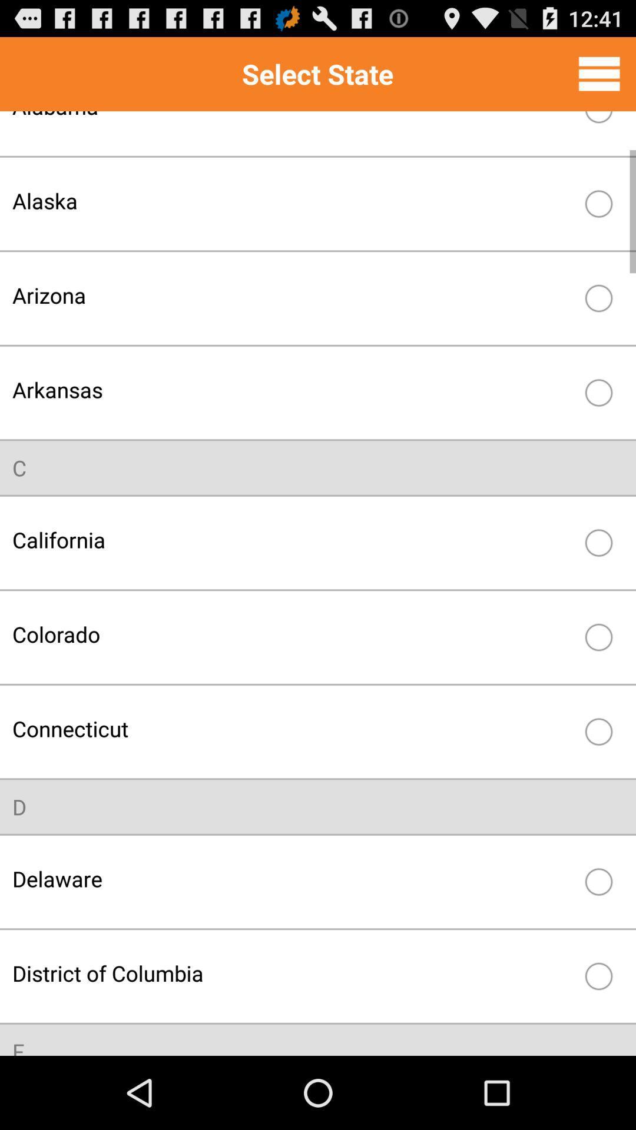 The image size is (636, 1130). What do you see at coordinates (599, 73) in the screenshot?
I see `full menu option` at bounding box center [599, 73].